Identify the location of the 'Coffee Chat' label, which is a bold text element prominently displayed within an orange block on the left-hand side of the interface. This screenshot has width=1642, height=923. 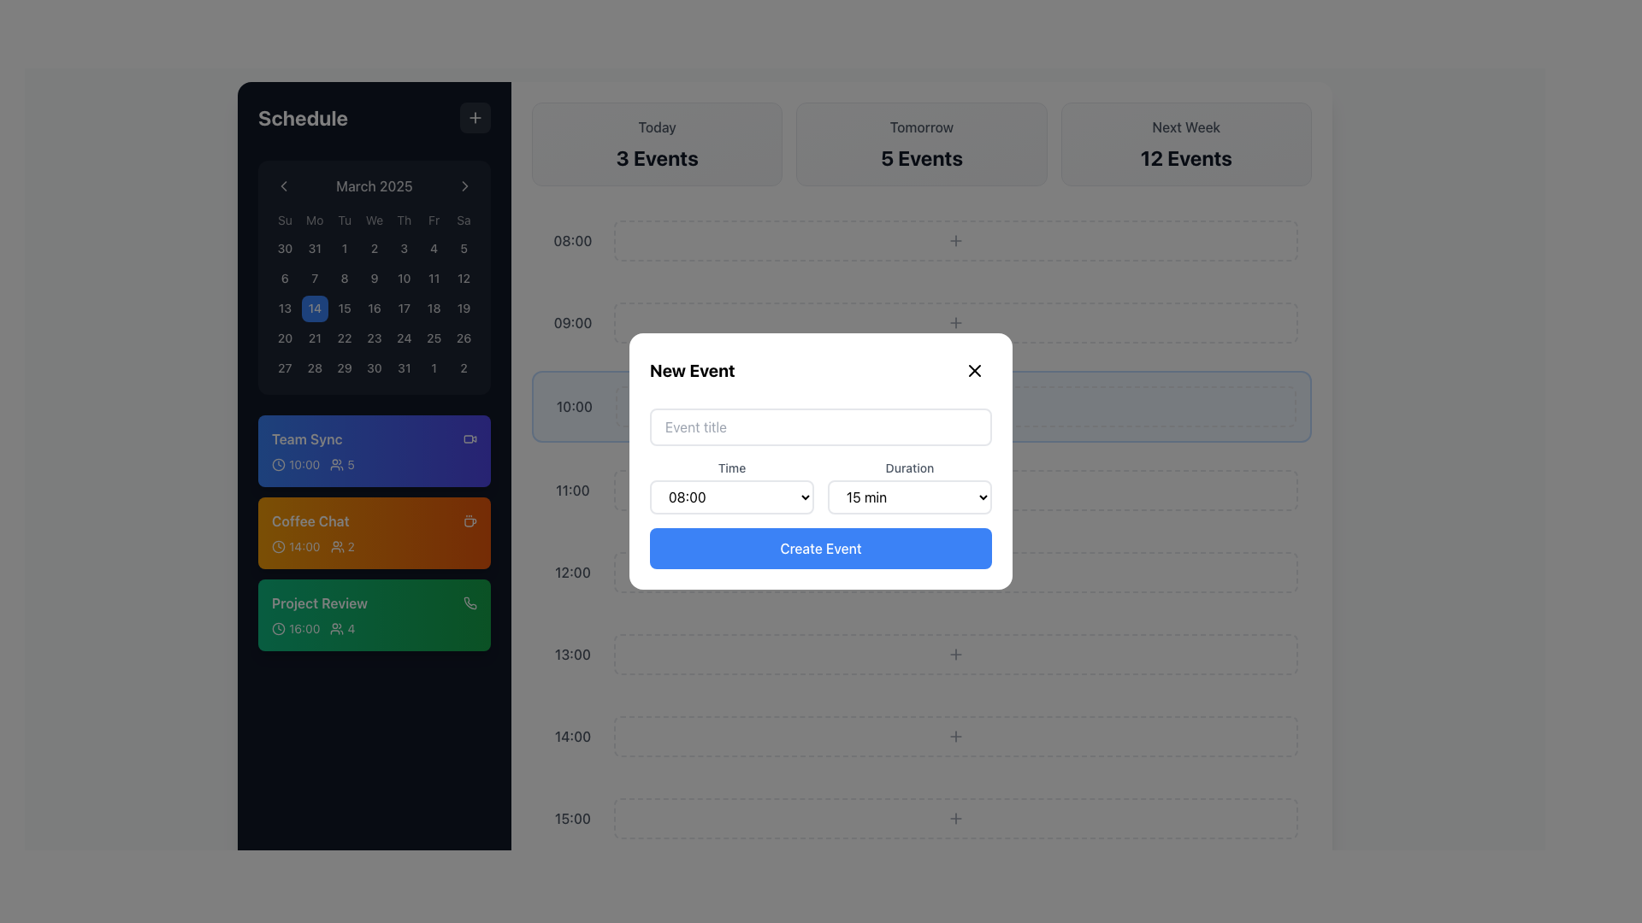
(310, 520).